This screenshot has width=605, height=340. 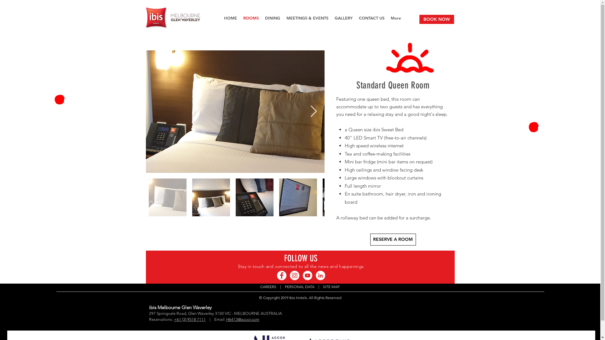 What do you see at coordinates (343, 19) in the screenshot?
I see `'GALLERY'` at bounding box center [343, 19].